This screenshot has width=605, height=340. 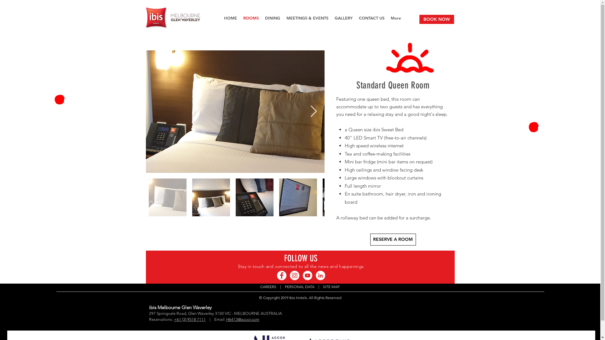 What do you see at coordinates (343, 19) in the screenshot?
I see `'GALLERY'` at bounding box center [343, 19].